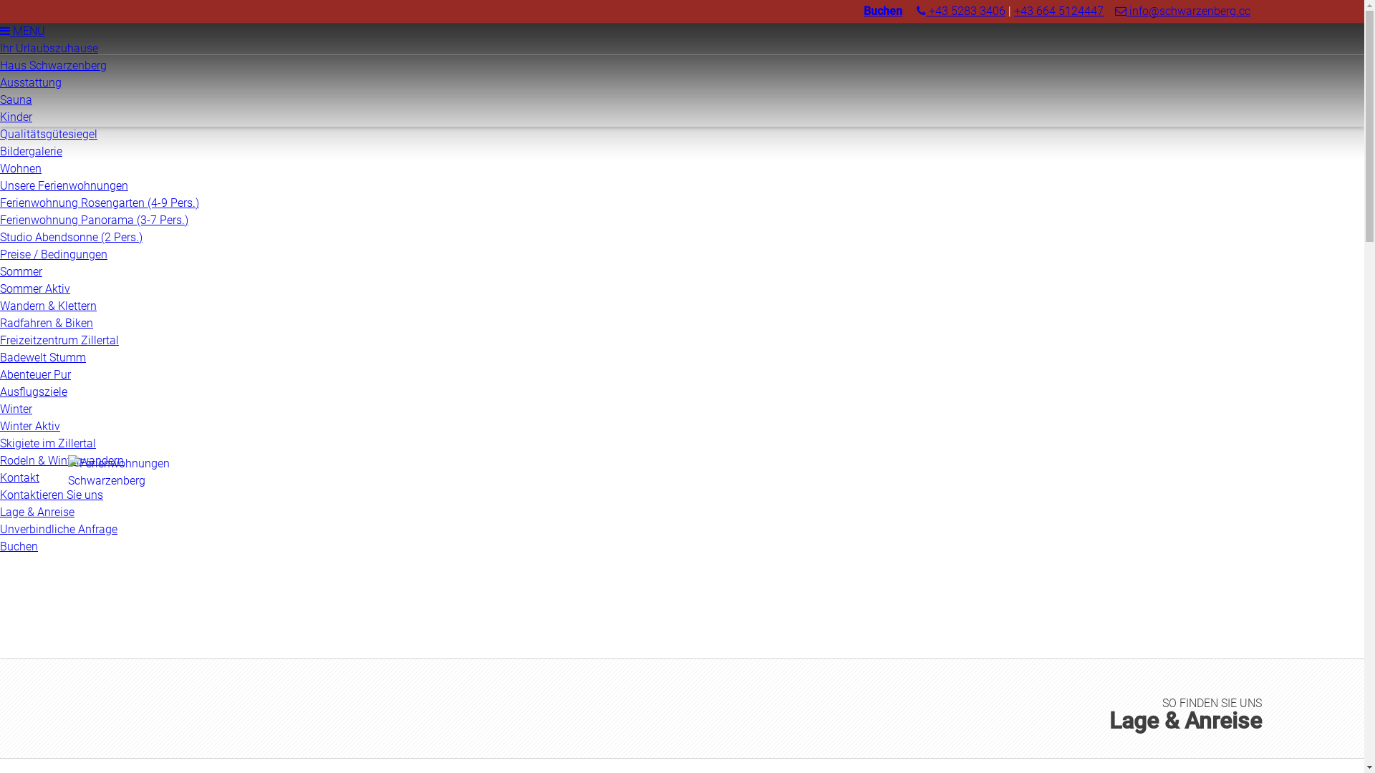  Describe the element at coordinates (16, 409) in the screenshot. I see `'Winter'` at that location.